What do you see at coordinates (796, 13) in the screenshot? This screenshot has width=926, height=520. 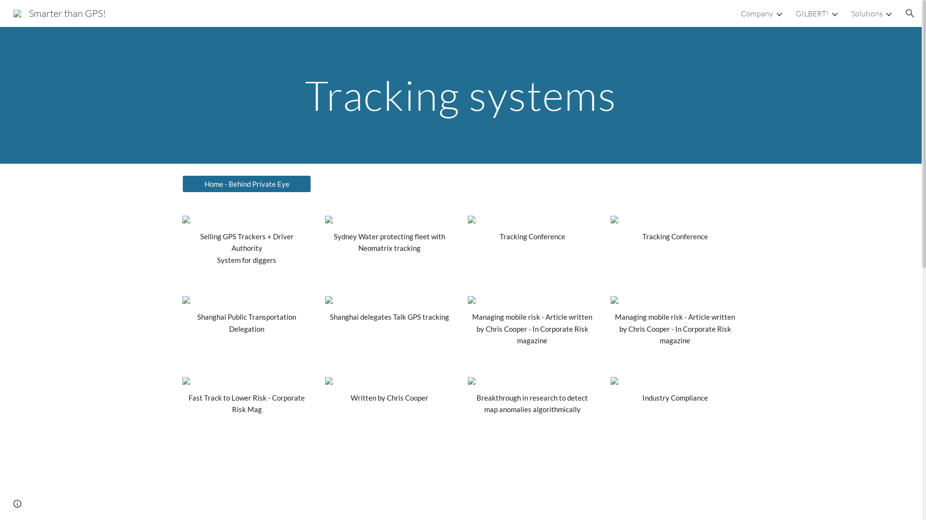 I see `'GILBERT!'` at bounding box center [796, 13].